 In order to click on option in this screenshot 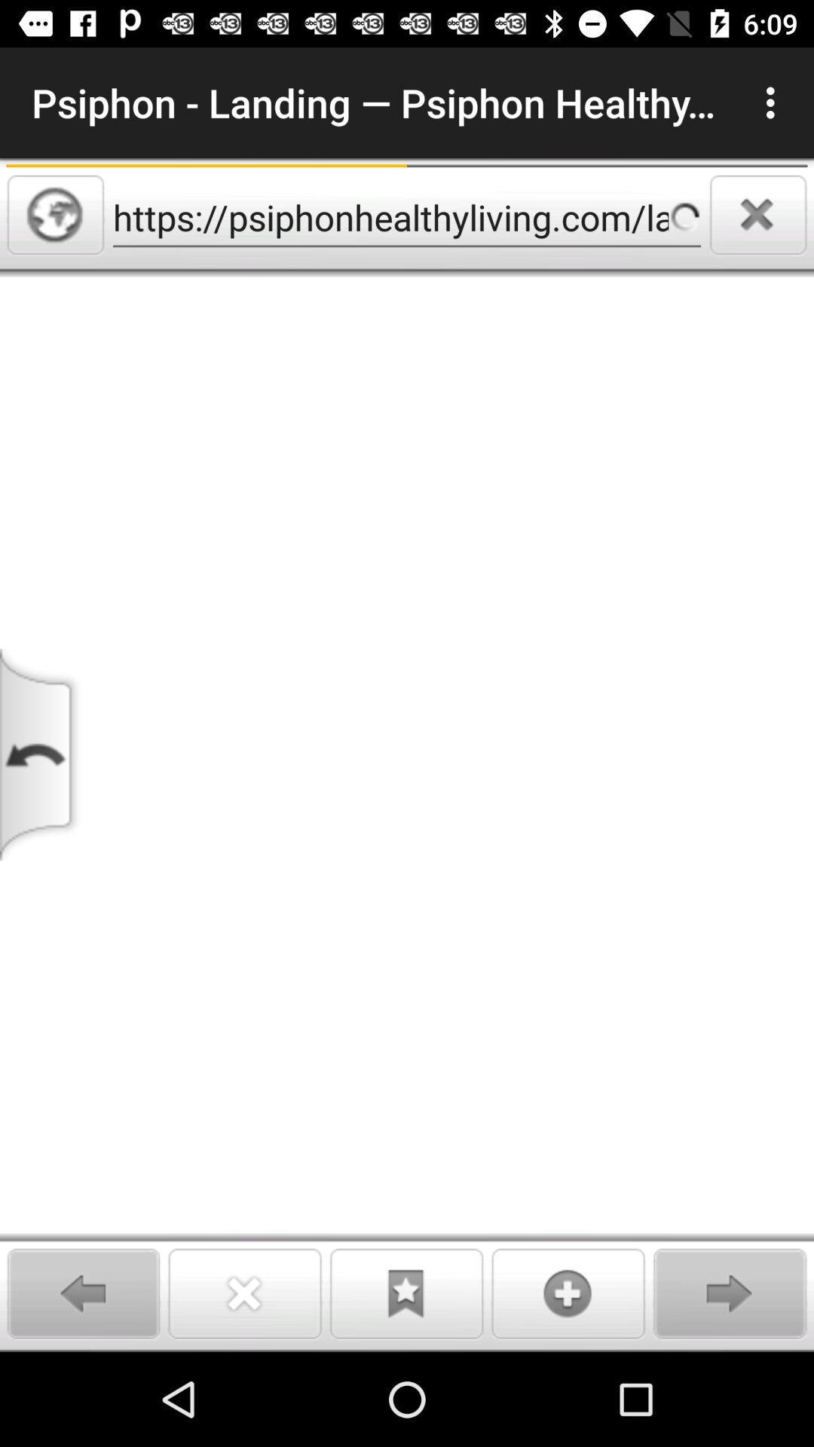, I will do `click(568, 1293)`.